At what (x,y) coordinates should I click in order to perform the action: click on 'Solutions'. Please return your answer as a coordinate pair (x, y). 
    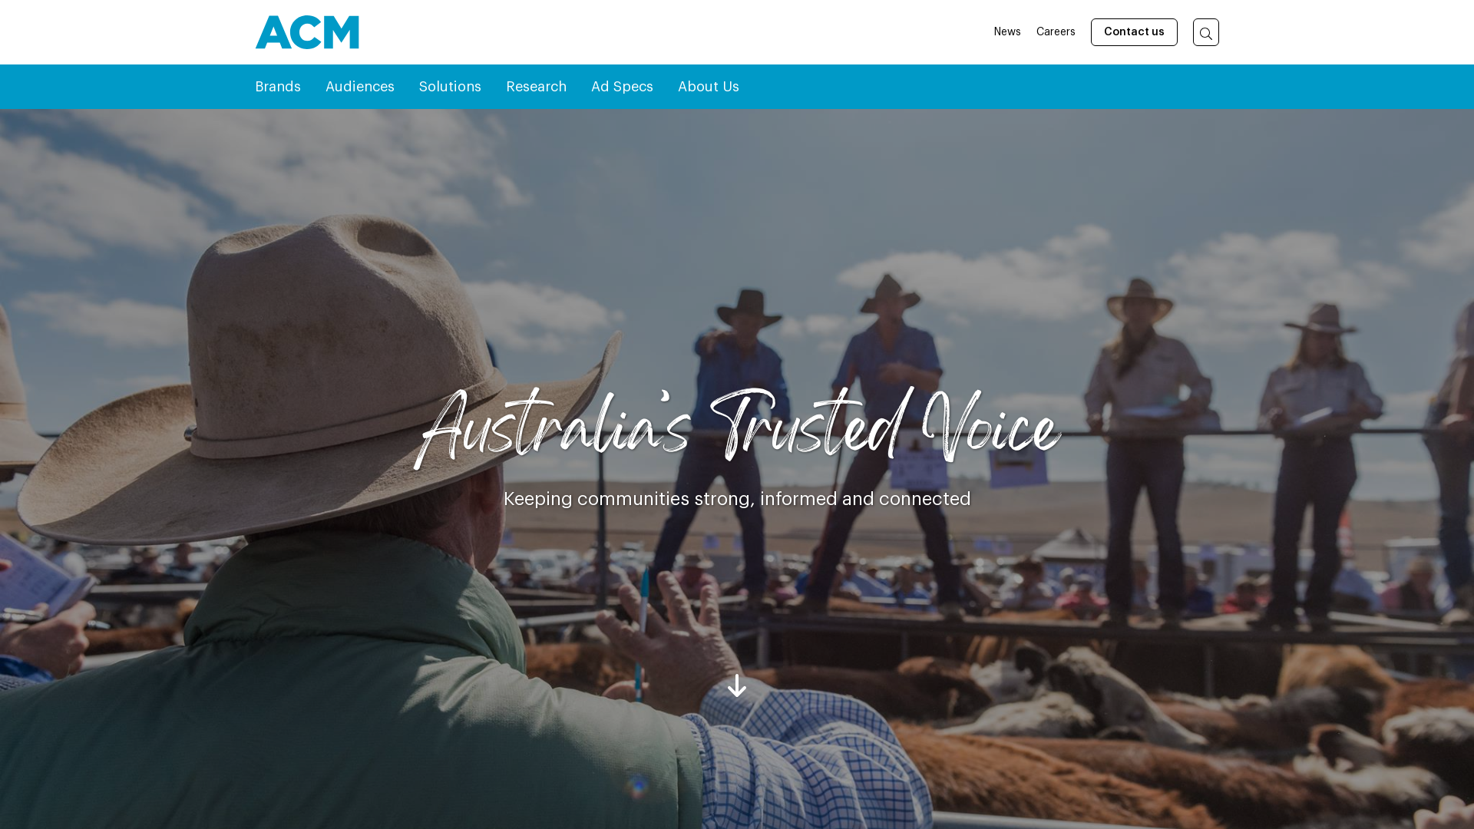
    Looking at the image, I should click on (449, 86).